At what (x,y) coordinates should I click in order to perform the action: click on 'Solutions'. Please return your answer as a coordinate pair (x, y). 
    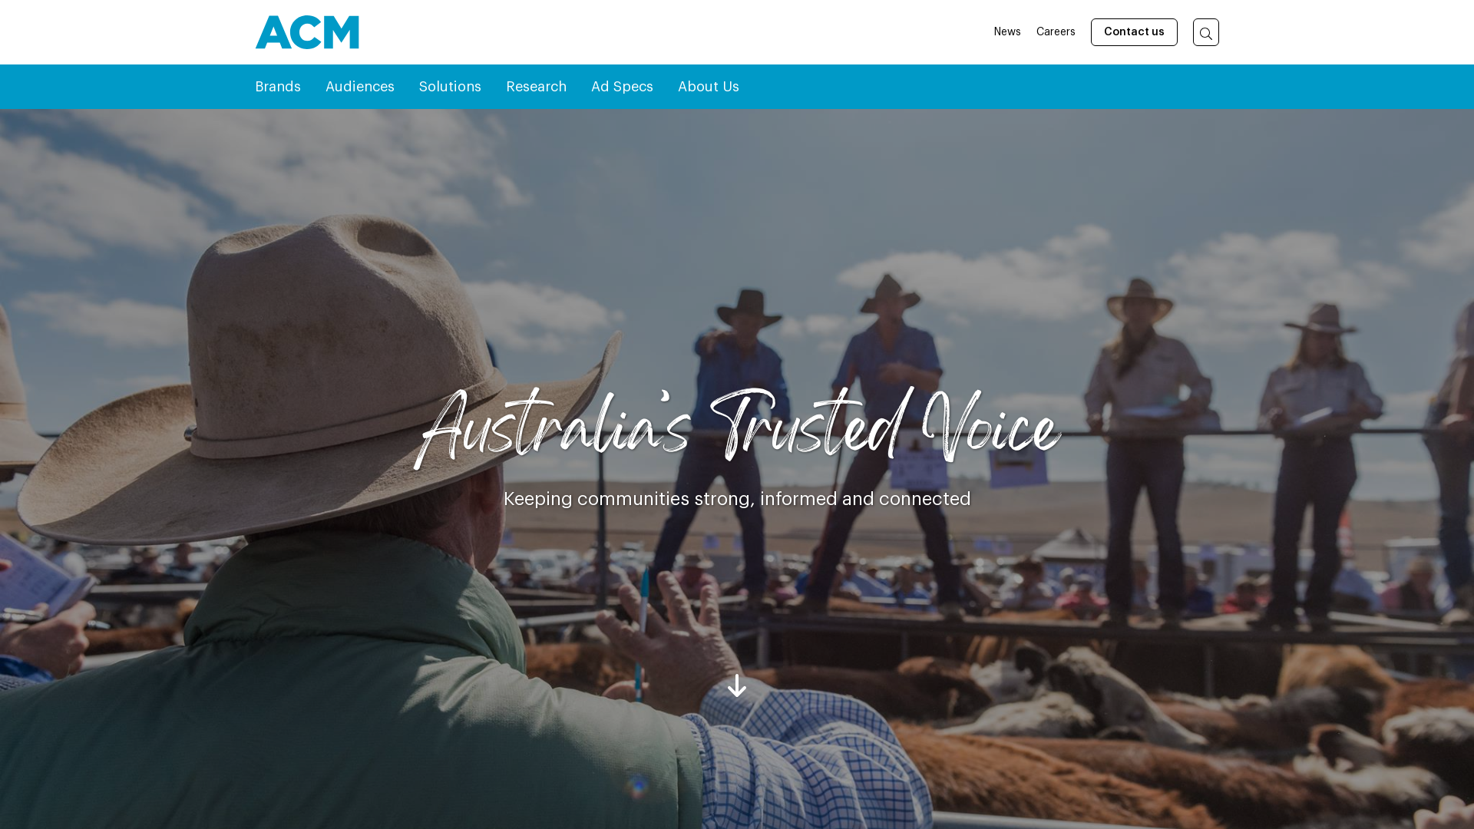
    Looking at the image, I should click on (449, 86).